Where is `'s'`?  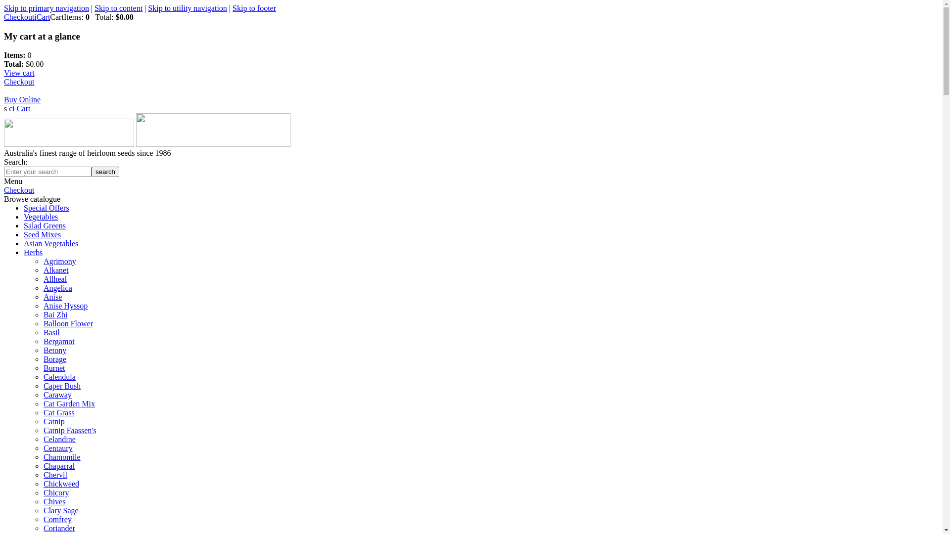 's' is located at coordinates (5, 108).